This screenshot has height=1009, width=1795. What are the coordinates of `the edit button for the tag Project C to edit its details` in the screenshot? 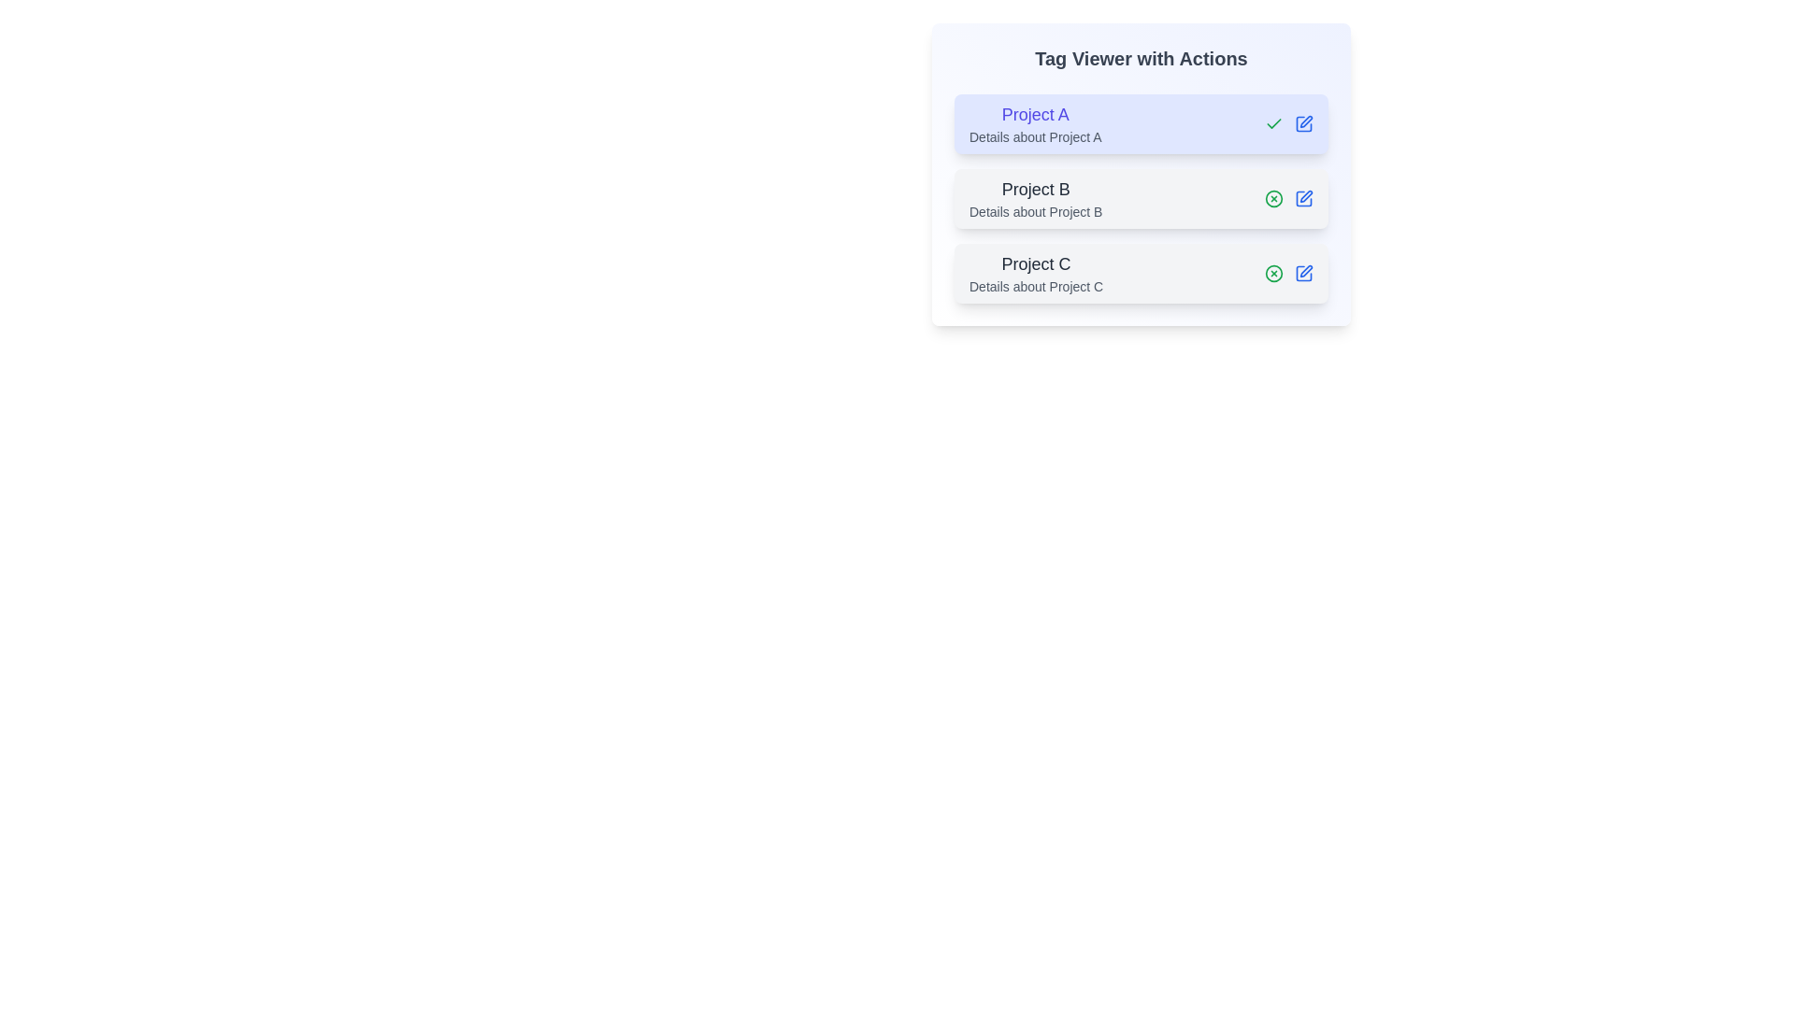 It's located at (1303, 274).